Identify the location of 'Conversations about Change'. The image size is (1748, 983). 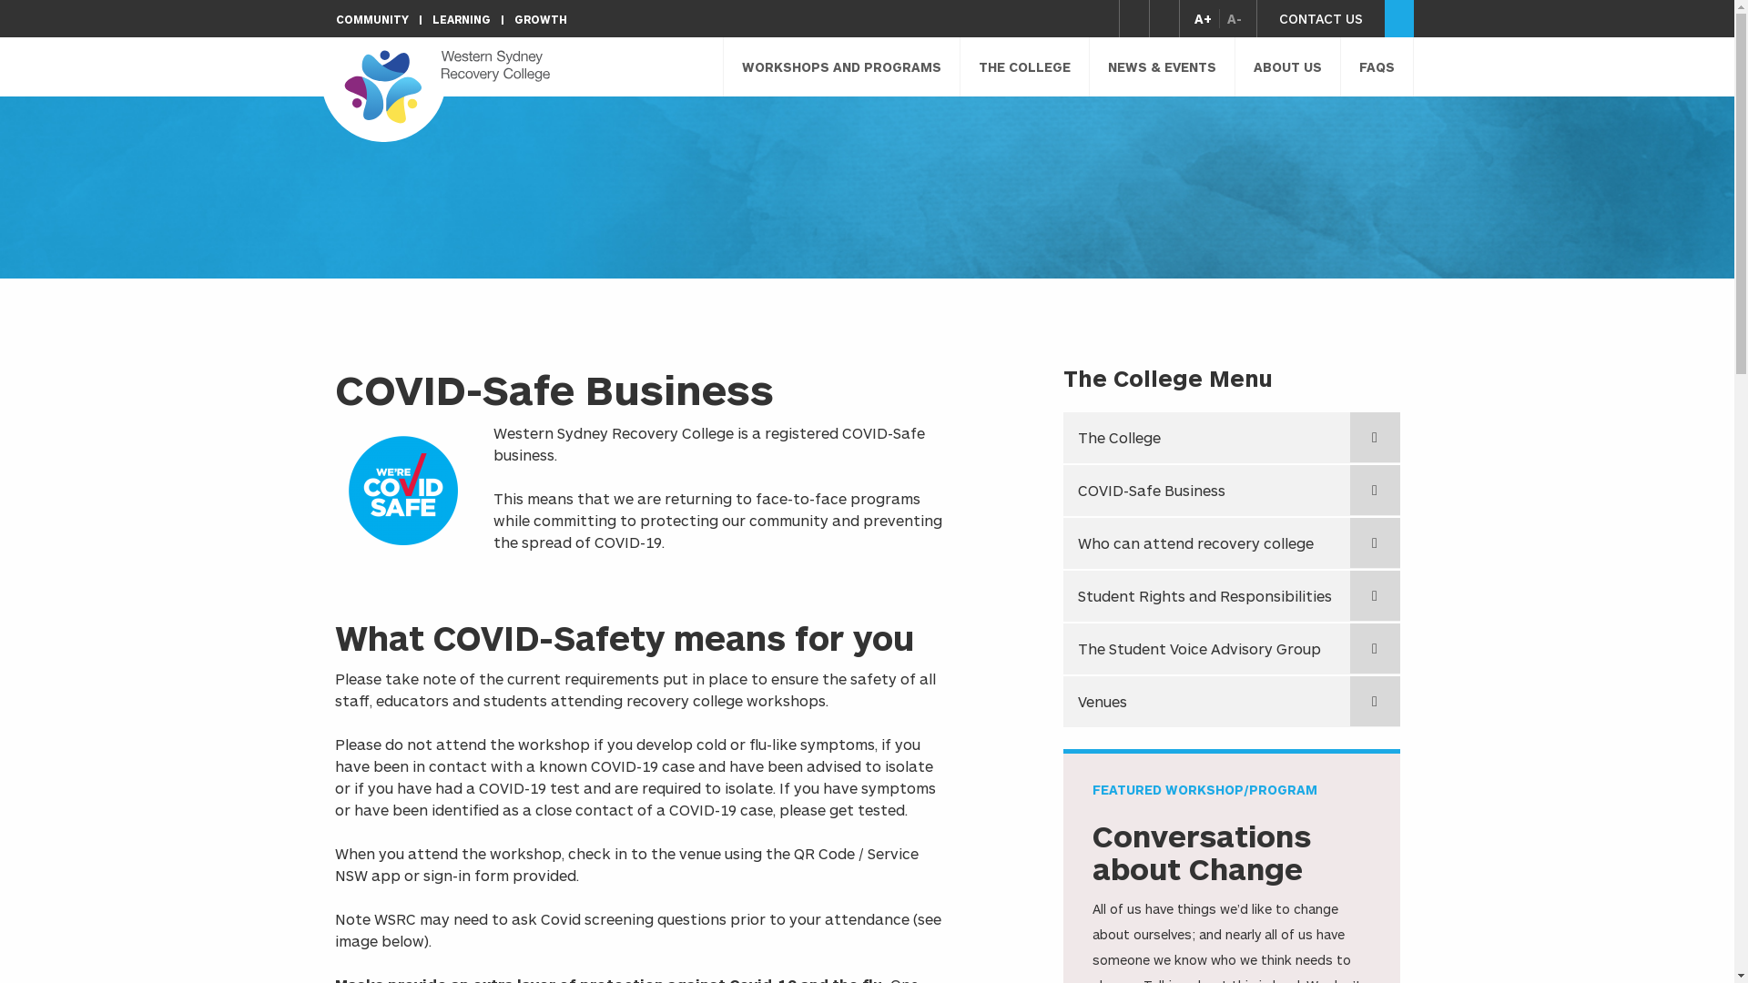
(1202, 852).